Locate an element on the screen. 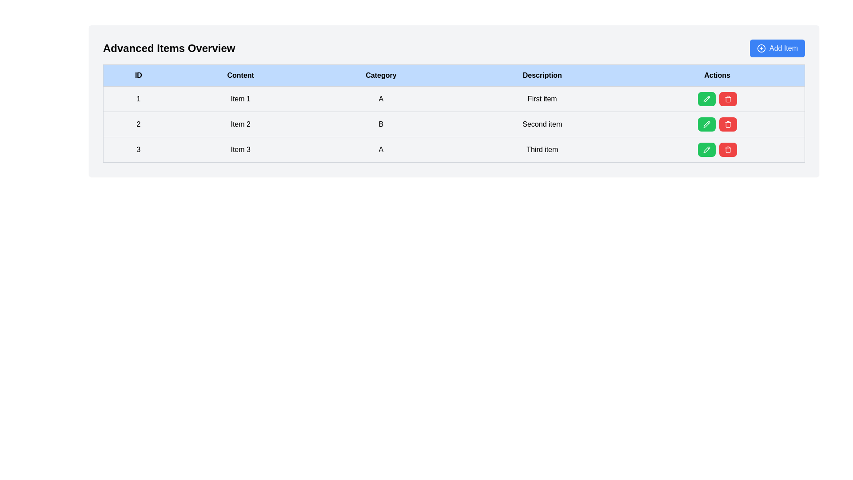 Image resolution: width=853 pixels, height=480 pixels. the table header cell labeled 'Category' with a light blue background and bold black text, located in the third column of the data table is located at coordinates (381, 75).